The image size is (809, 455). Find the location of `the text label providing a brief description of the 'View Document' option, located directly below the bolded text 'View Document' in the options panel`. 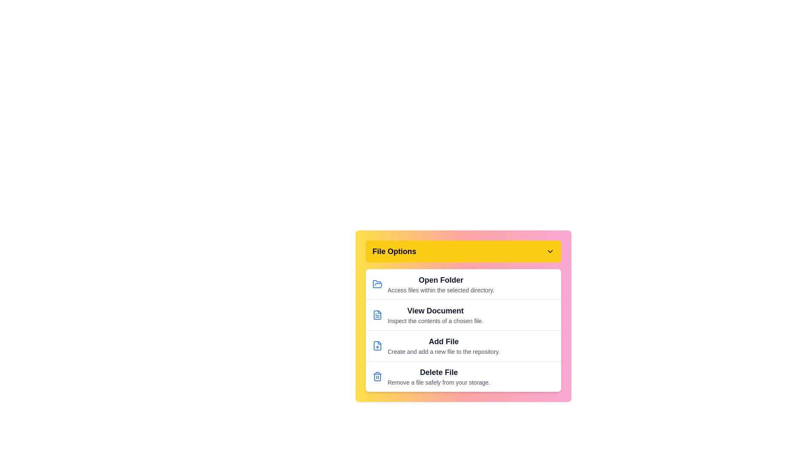

the text label providing a brief description of the 'View Document' option, located directly below the bolded text 'View Document' in the options panel is located at coordinates (435, 321).